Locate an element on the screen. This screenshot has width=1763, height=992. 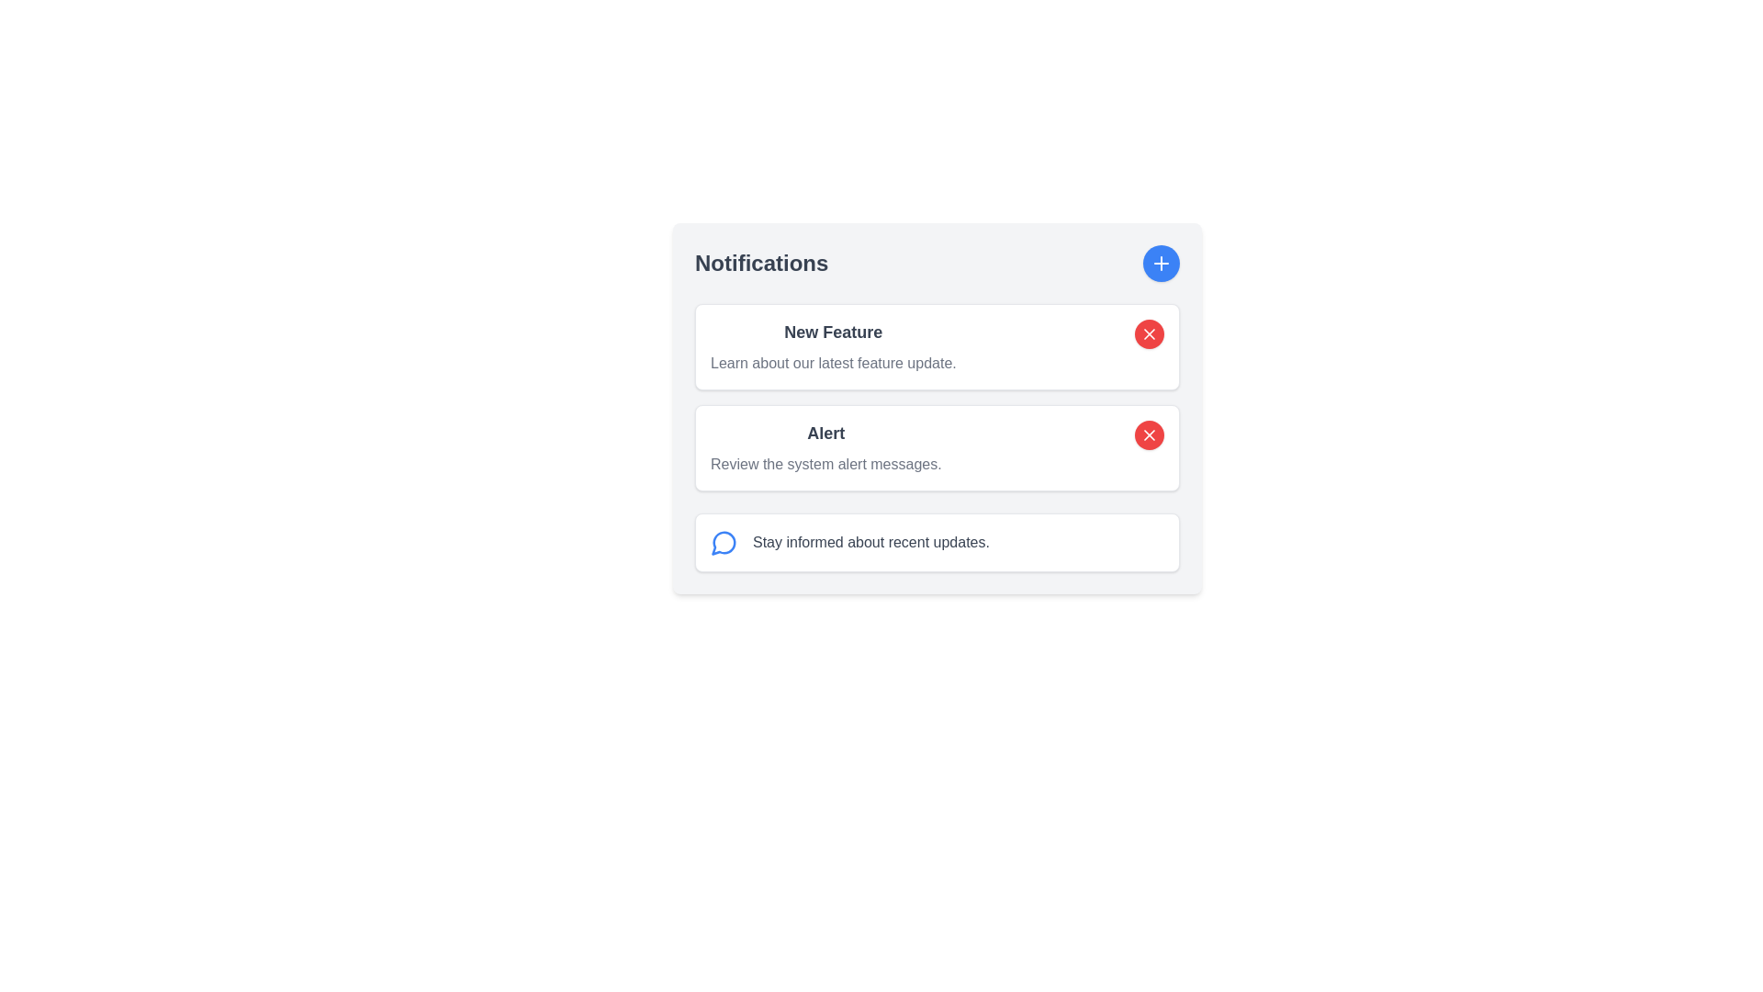
the explanatory text element located below the 'Alert' heading in the notification panel is located at coordinates (825, 463).